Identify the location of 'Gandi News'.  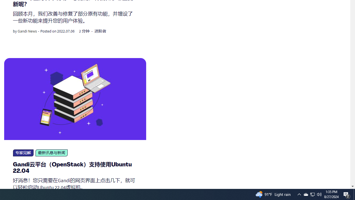
(27, 31).